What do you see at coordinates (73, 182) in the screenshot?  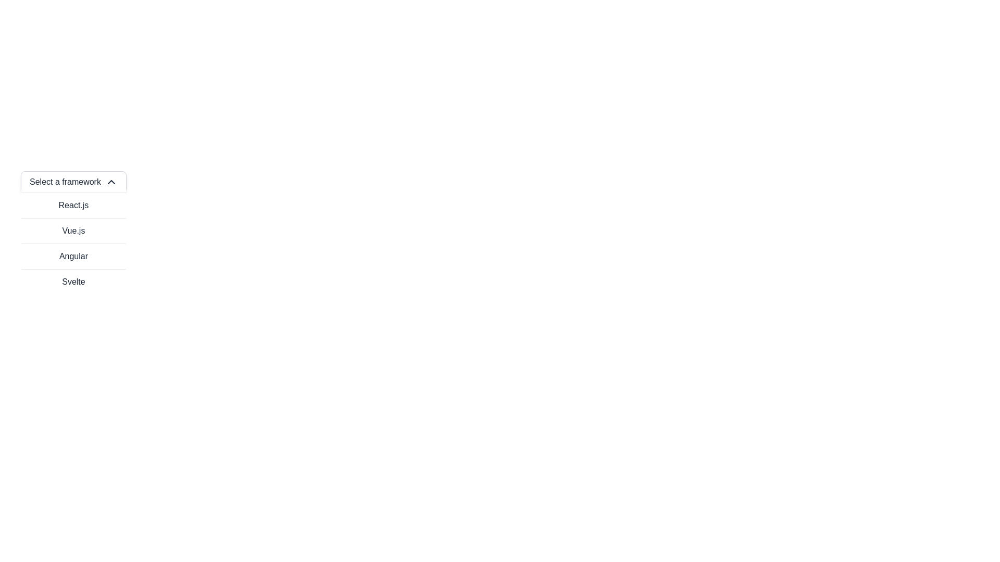 I see `the Dropdown toggle button located at the top of the dropdown list` at bounding box center [73, 182].